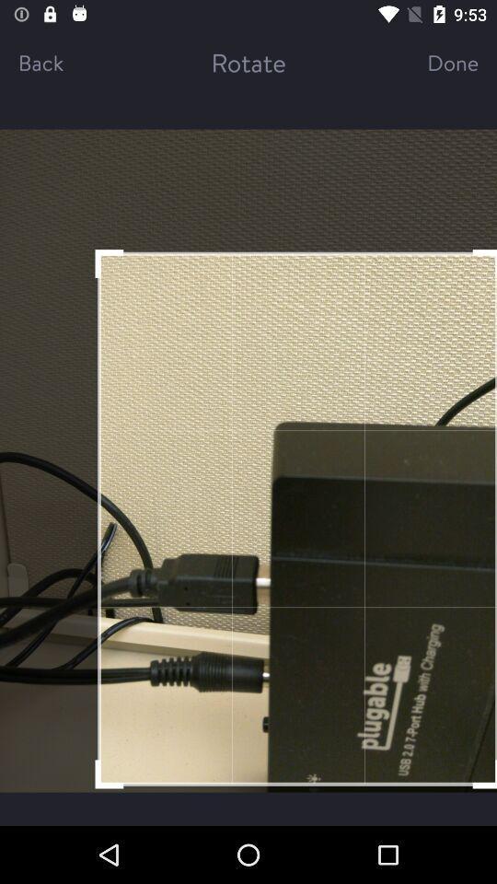 Image resolution: width=497 pixels, height=884 pixels. What do you see at coordinates (248, 62) in the screenshot?
I see `the rotate icon` at bounding box center [248, 62].